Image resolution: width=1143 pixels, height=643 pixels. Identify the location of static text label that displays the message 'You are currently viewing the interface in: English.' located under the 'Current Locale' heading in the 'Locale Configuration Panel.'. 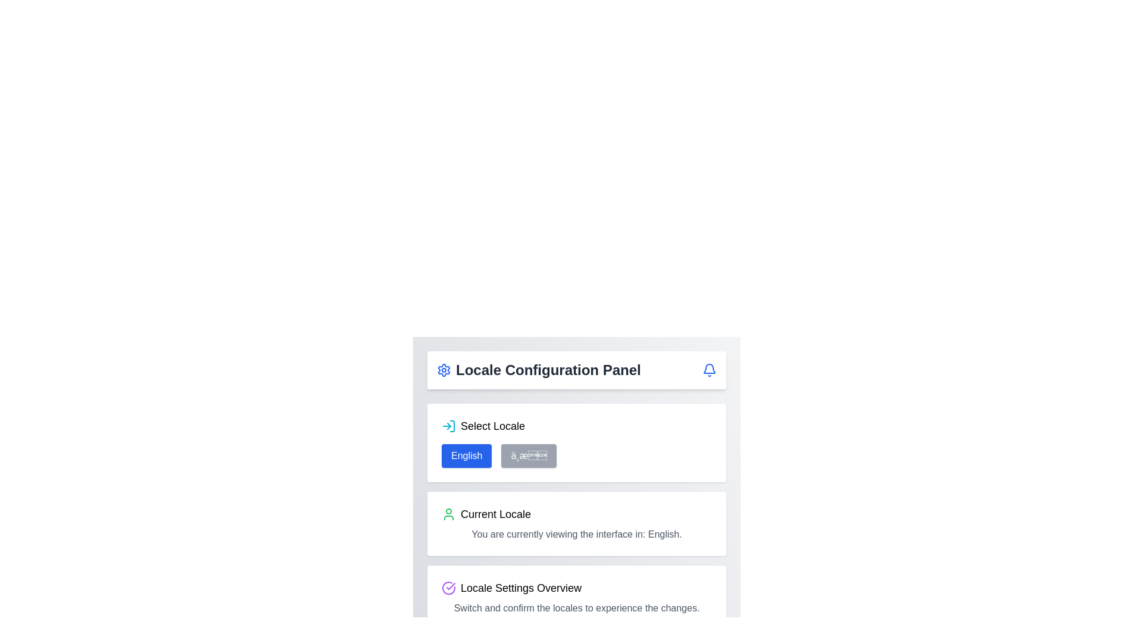
(577, 534).